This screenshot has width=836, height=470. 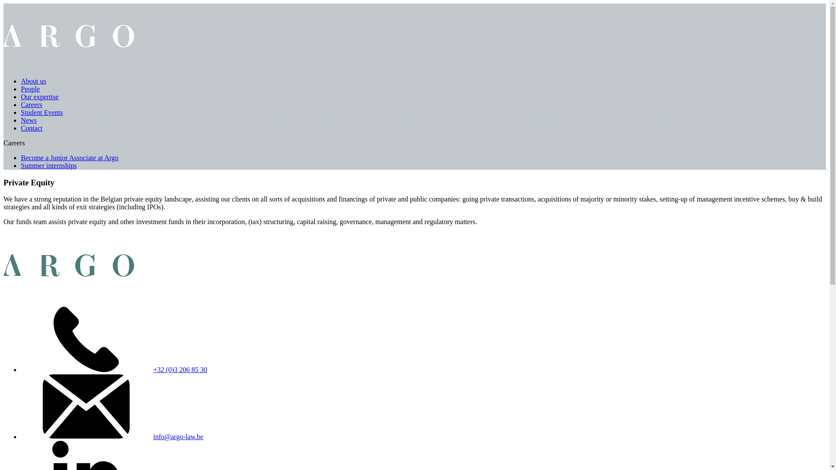 What do you see at coordinates (21, 128) in the screenshot?
I see `'Contact'` at bounding box center [21, 128].